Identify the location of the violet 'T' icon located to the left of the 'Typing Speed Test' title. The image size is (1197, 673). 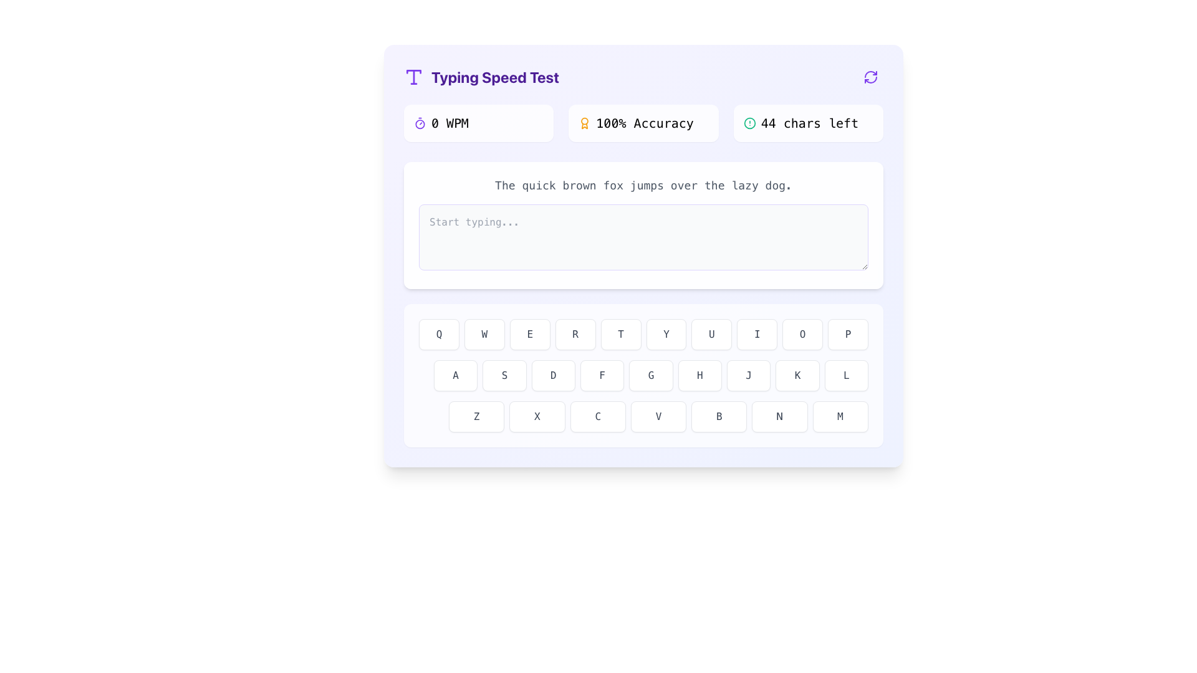
(413, 77).